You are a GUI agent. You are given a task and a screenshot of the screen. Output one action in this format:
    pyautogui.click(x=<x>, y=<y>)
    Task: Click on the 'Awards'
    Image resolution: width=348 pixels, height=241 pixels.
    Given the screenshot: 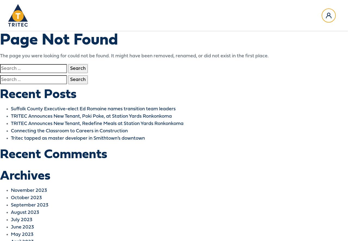 What is the action you would take?
    pyautogui.click(x=80, y=37)
    